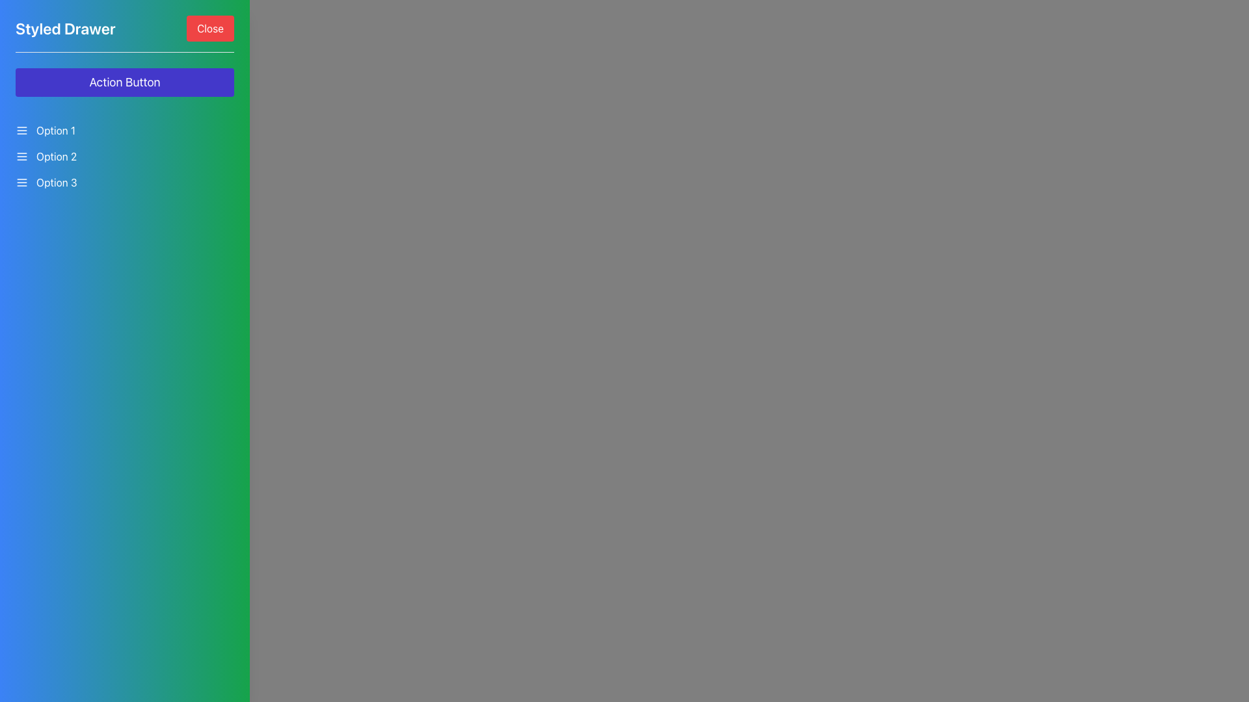 This screenshot has height=702, width=1249. Describe the element at coordinates (125, 130) in the screenshot. I see `the first selectable option in the menu or list, labeled 'Option 1', located beneath the purple action button` at that location.